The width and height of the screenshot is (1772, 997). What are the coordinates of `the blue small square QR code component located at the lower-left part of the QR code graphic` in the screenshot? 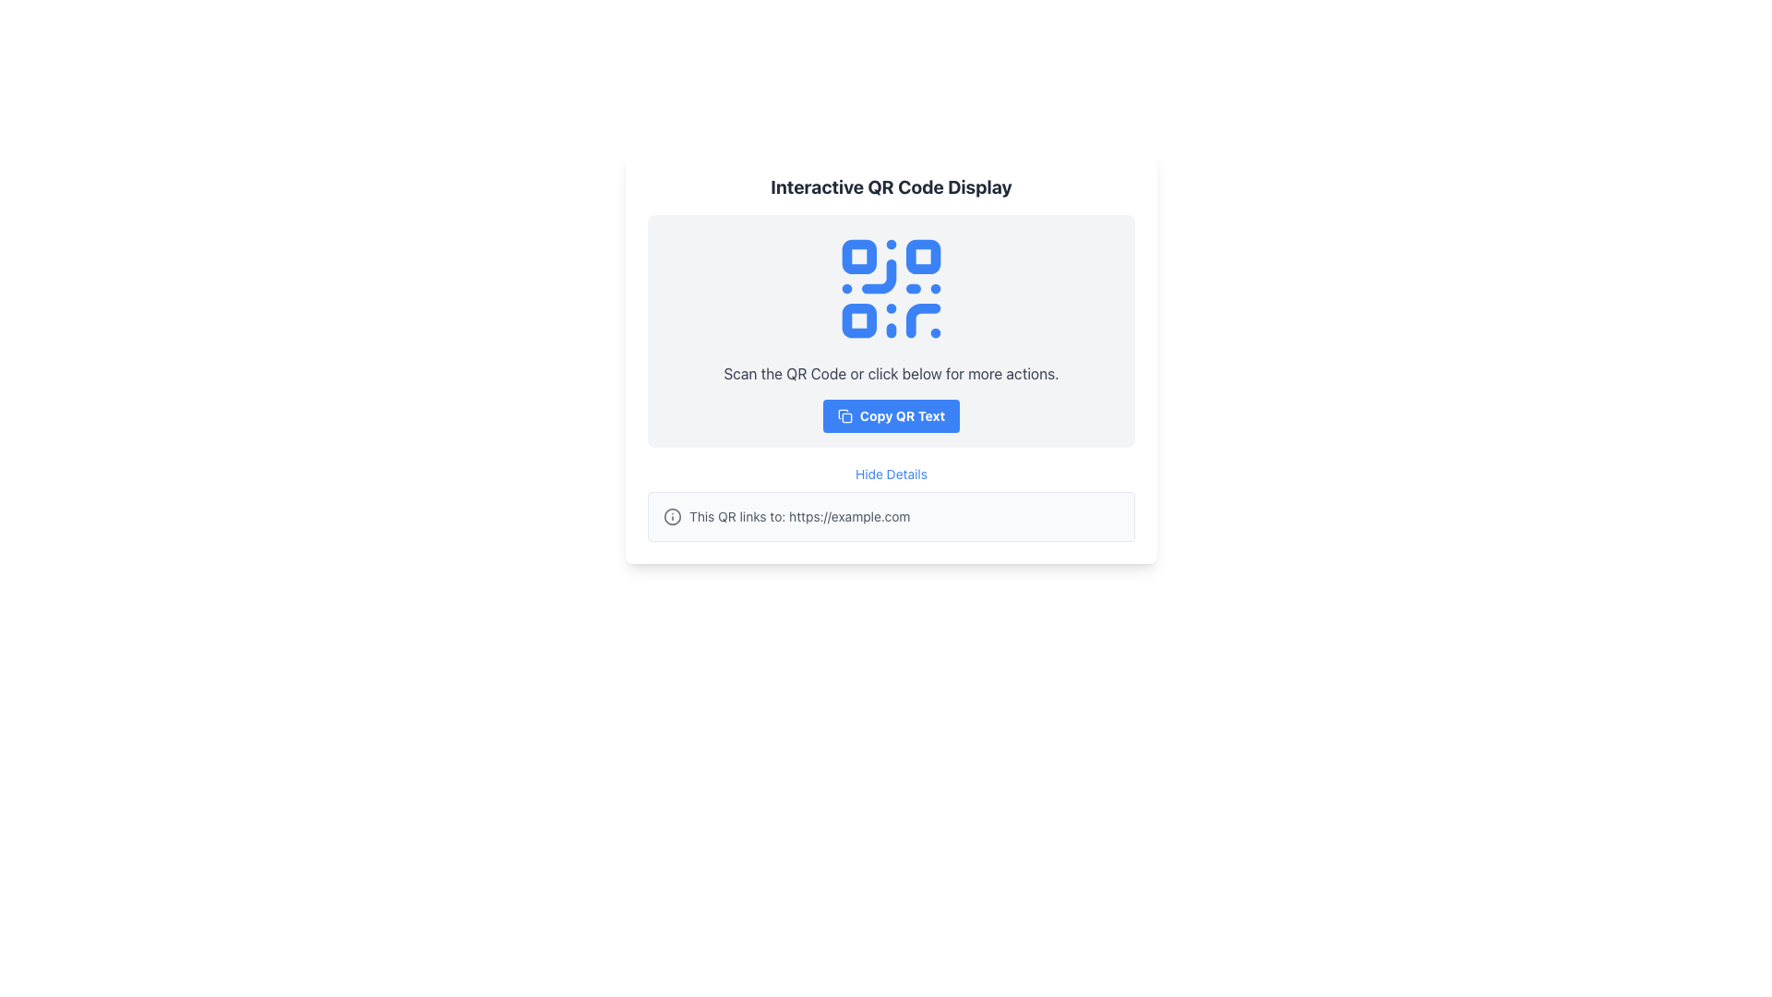 It's located at (858, 319).